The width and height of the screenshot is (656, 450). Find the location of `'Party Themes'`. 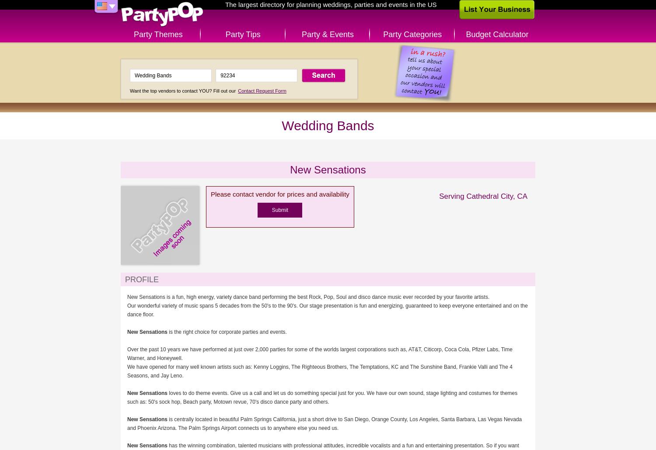

'Party Themes' is located at coordinates (157, 35).